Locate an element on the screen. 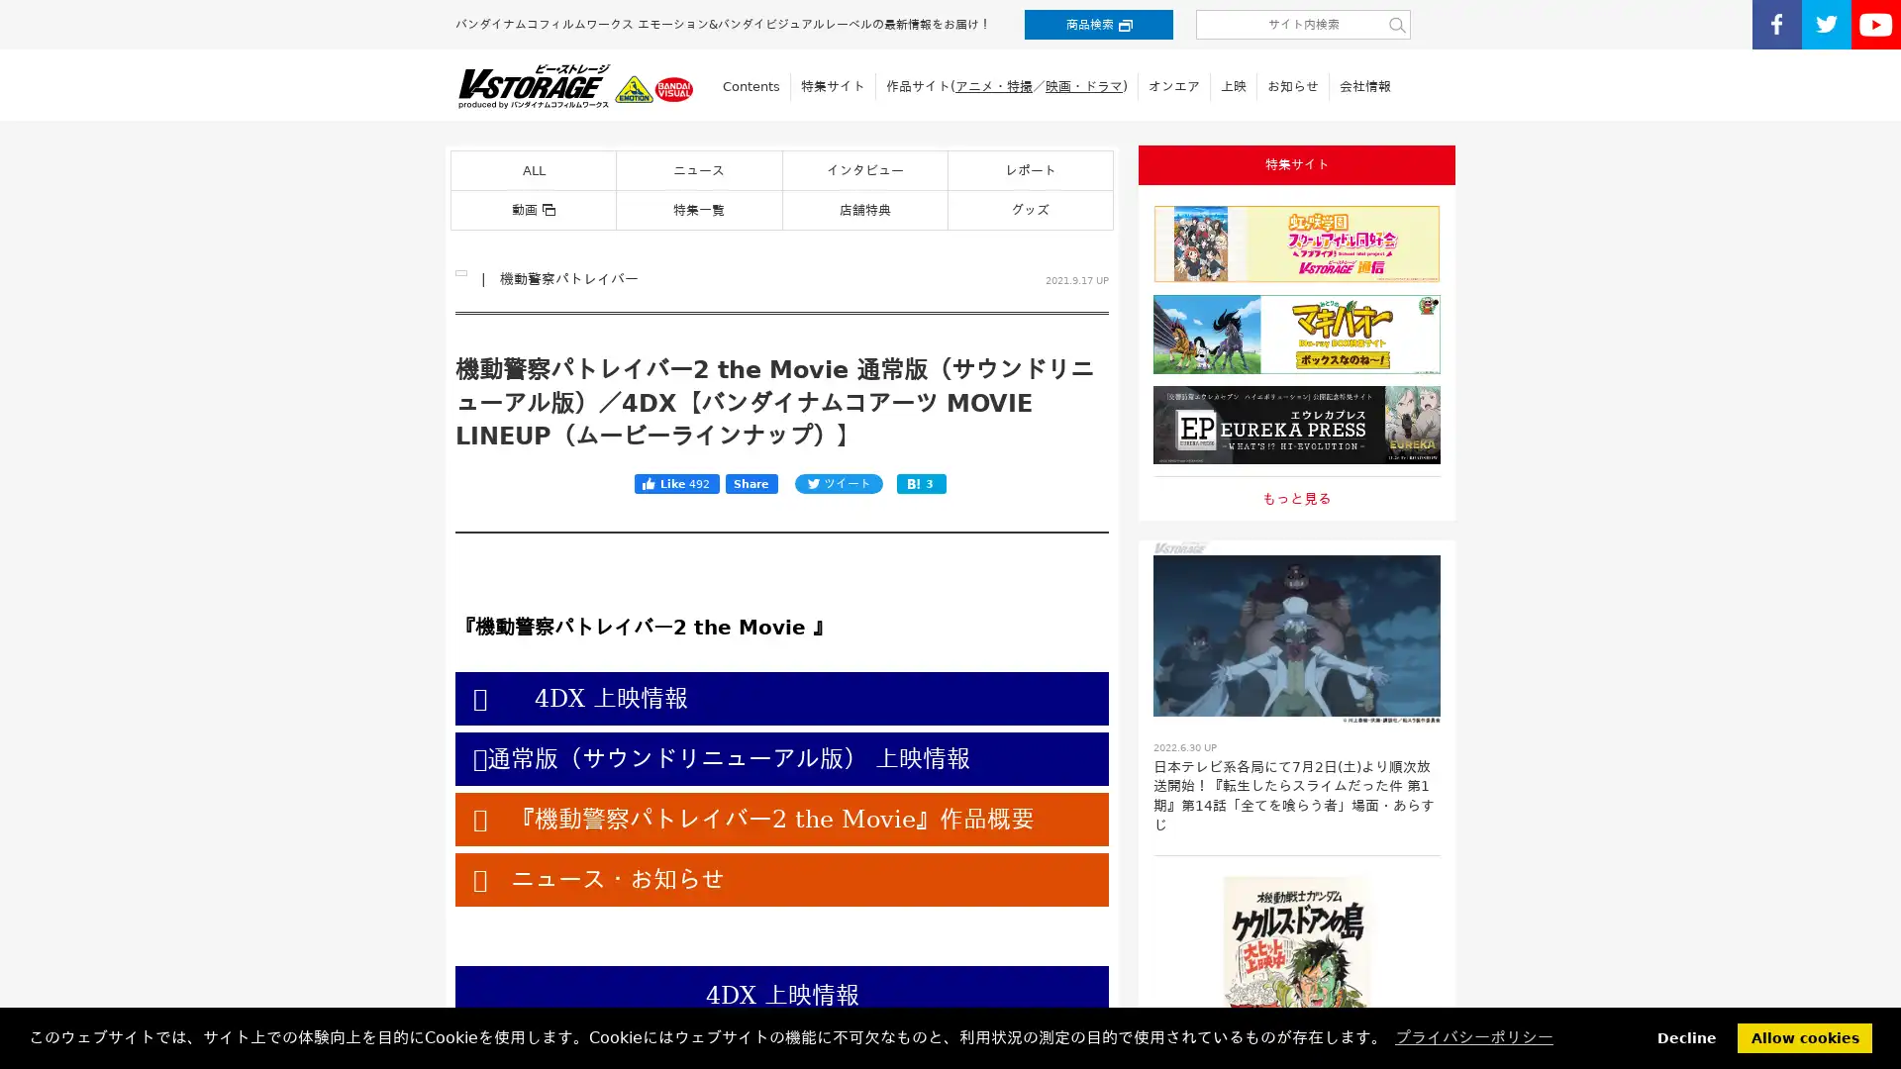 The image size is (1901, 1069). deny cookies is located at coordinates (1685, 1037).